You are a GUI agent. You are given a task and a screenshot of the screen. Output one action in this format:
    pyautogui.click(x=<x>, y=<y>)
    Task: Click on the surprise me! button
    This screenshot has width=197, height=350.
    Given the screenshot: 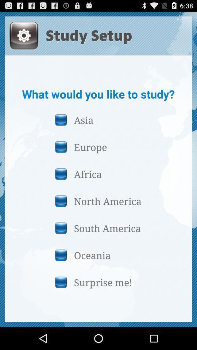 What is the action you would take?
    pyautogui.click(x=98, y=282)
    